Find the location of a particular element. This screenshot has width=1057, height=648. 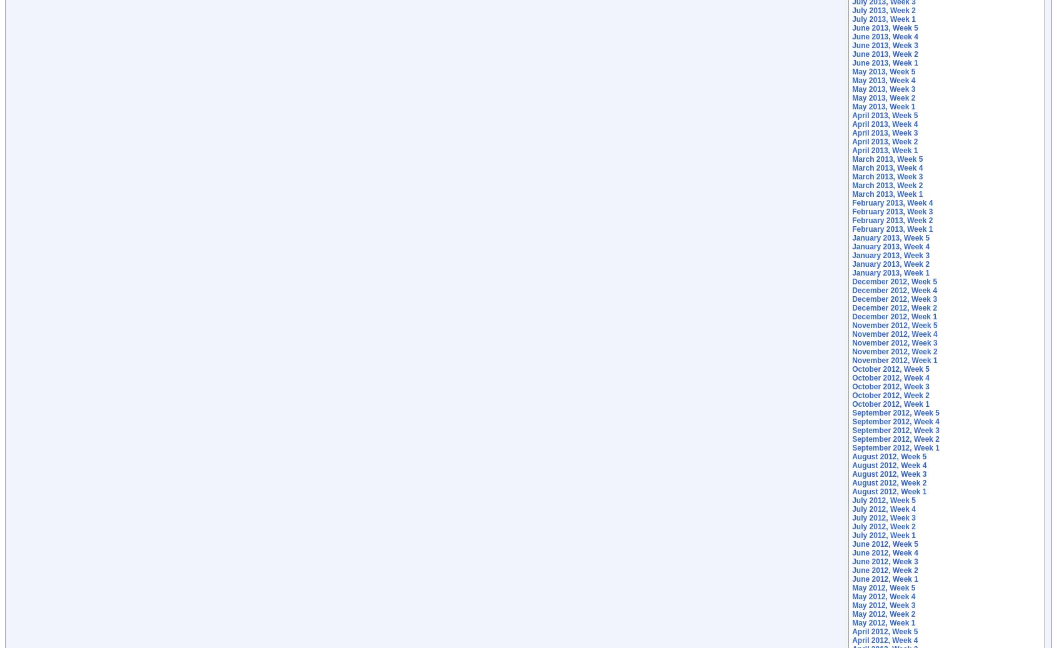

'January 2013, Week 4' is located at coordinates (890, 246).